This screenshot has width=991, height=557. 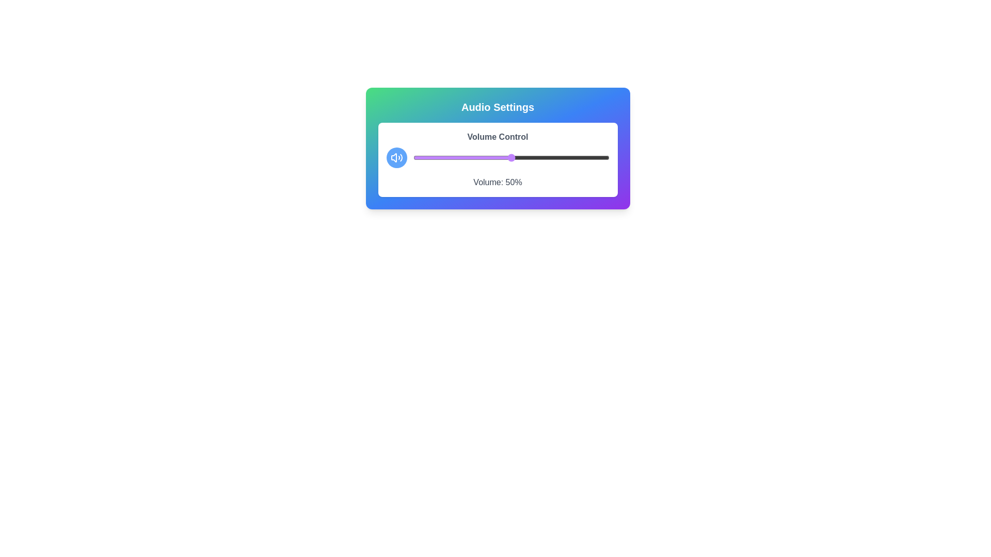 What do you see at coordinates (446, 157) in the screenshot?
I see `volume slider` at bounding box center [446, 157].